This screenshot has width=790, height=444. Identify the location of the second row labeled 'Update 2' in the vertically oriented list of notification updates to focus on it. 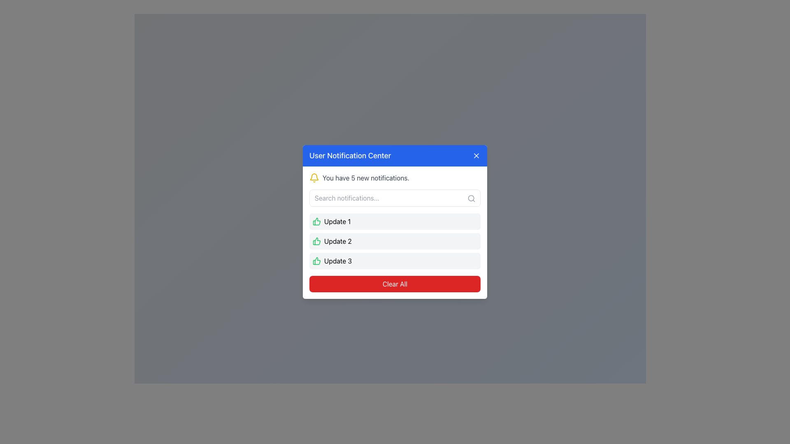
(395, 240).